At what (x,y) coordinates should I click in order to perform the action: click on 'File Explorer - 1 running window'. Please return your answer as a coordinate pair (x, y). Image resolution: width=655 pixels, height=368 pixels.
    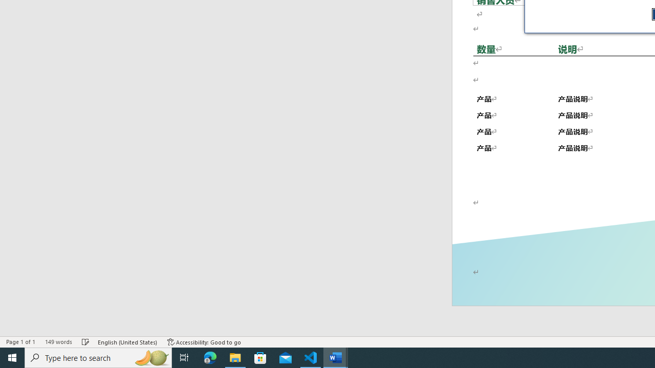
    Looking at the image, I should click on (235, 357).